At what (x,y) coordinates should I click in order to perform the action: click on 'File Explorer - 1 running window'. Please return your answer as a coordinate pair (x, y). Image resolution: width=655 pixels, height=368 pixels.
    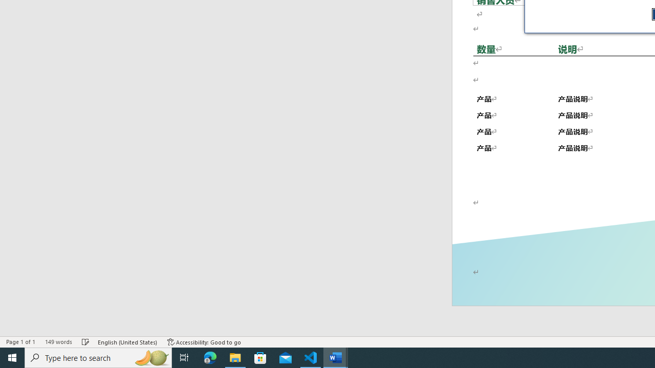
    Looking at the image, I should click on (235, 357).